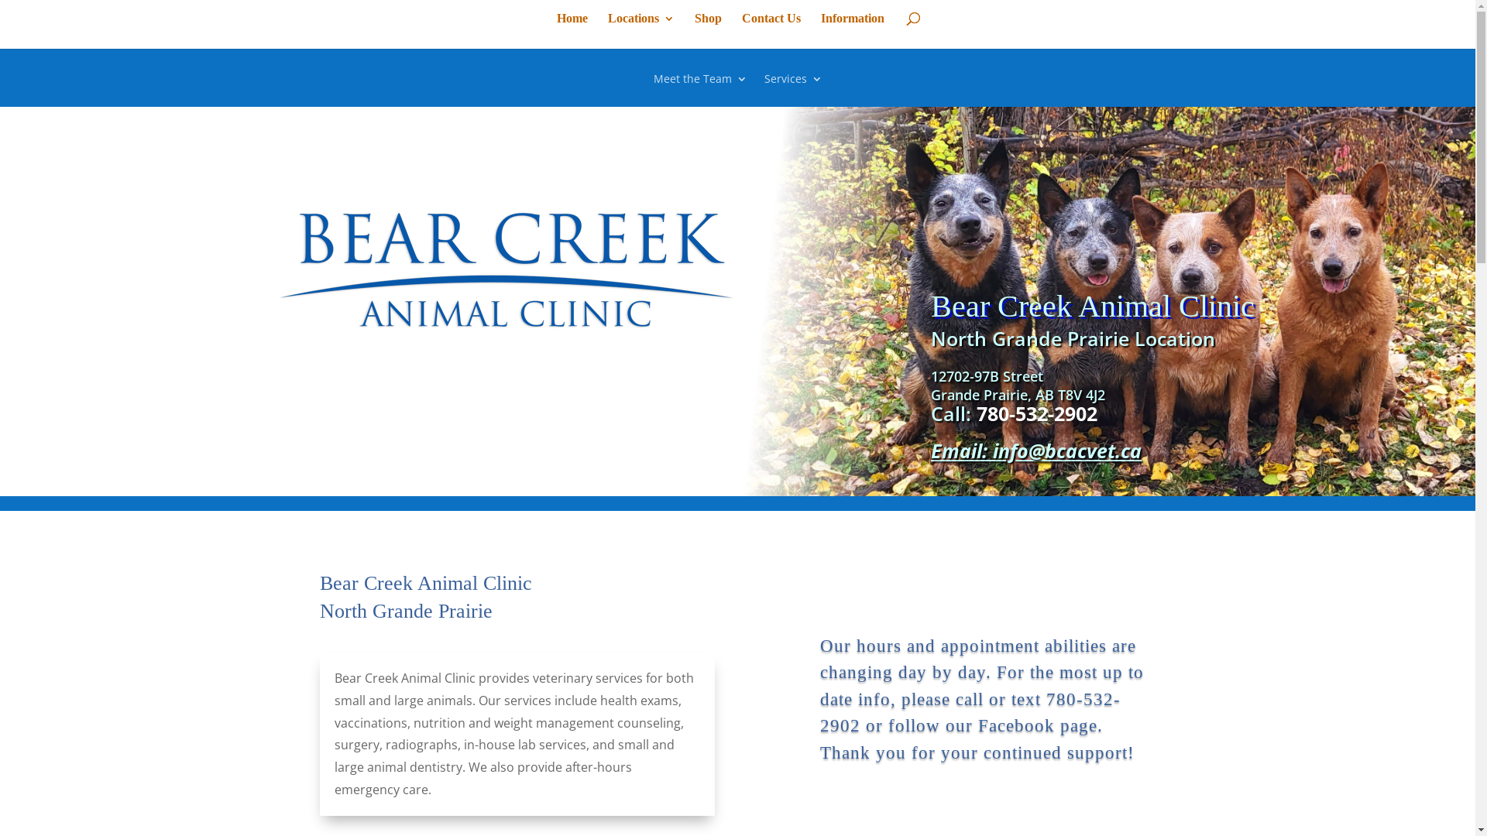  I want to click on 'Locations', so click(641, 30).